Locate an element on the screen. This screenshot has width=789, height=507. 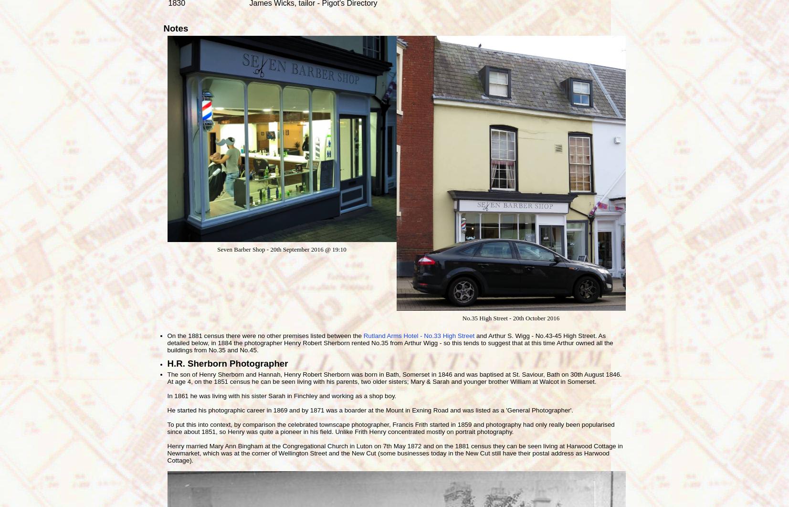
'To put this into context, by comparison the celebrated townscape                             
              photographer, Francis Frith started in 1859 and photography had                             
              only really been popularised since about 1851, so Henry was quite                             
              a pioneer in his field. Unlike Frith Henry concentrated mostly on                             
              portrait photography.' is located at coordinates (390, 427).